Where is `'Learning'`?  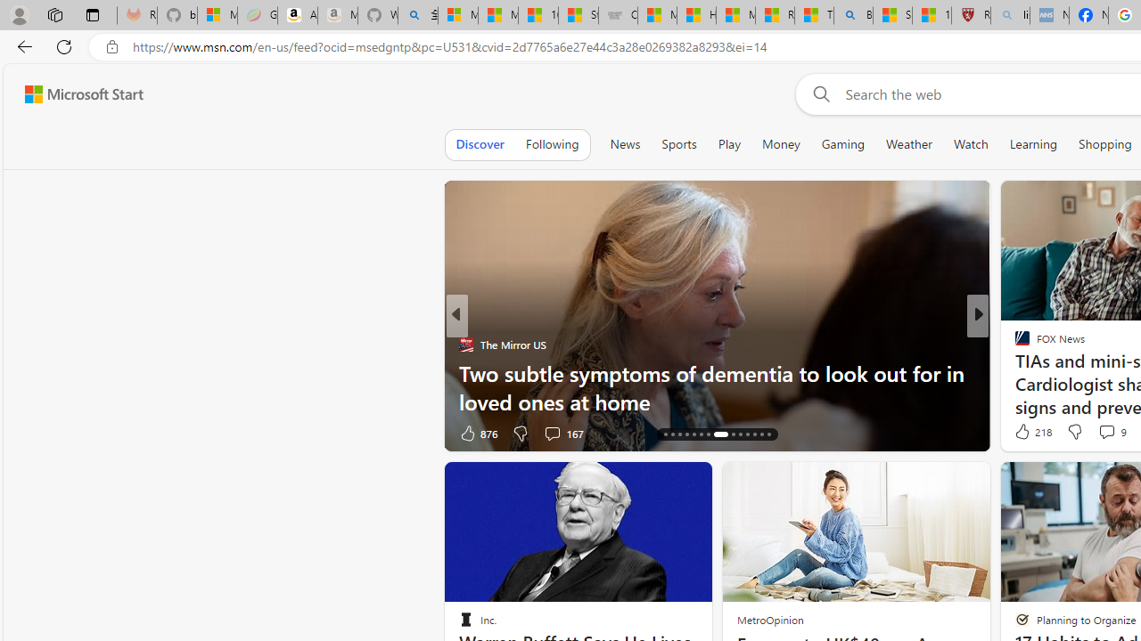
'Learning' is located at coordinates (1033, 143).